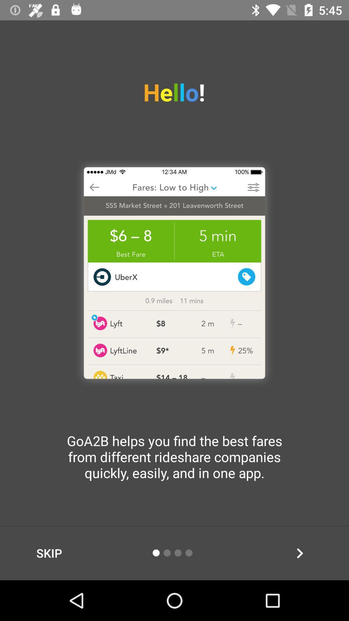 This screenshot has height=621, width=349. I want to click on the icon below the goa2b helps you item, so click(300, 553).